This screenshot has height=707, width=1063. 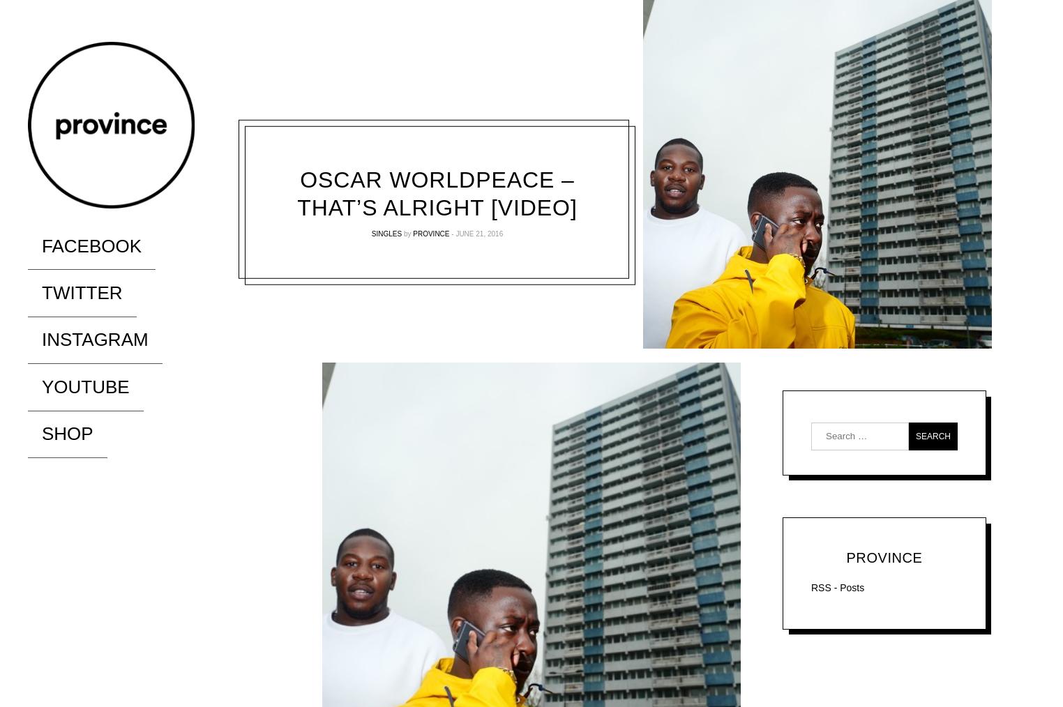 I want to click on 'Singles', so click(x=385, y=233).